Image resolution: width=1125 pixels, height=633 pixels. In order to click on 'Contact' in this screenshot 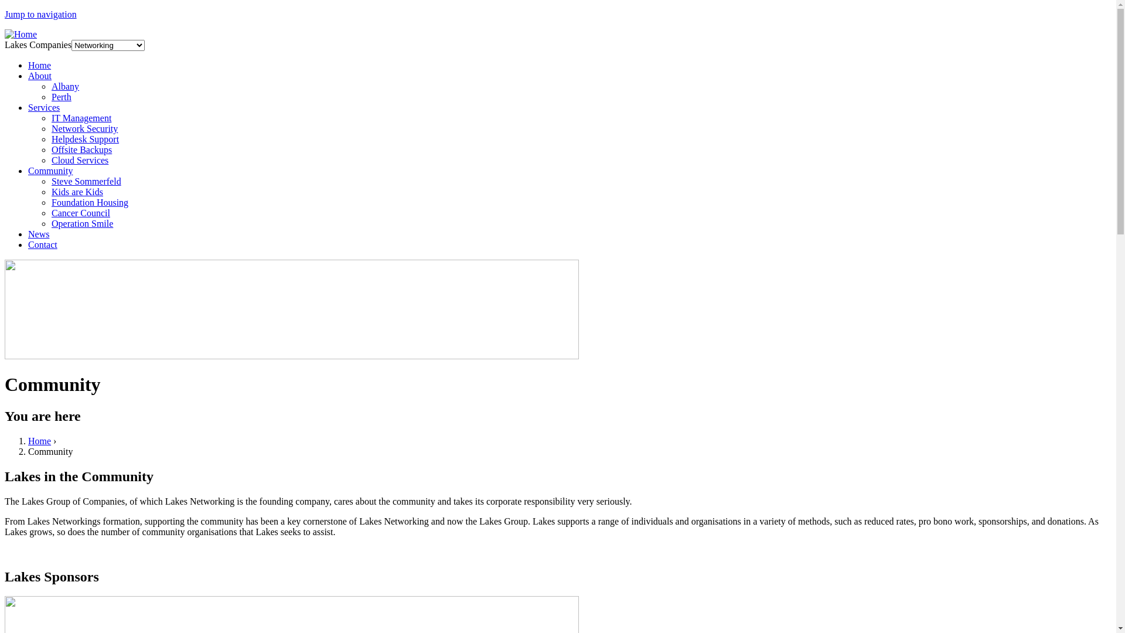, I will do `click(28, 244)`.